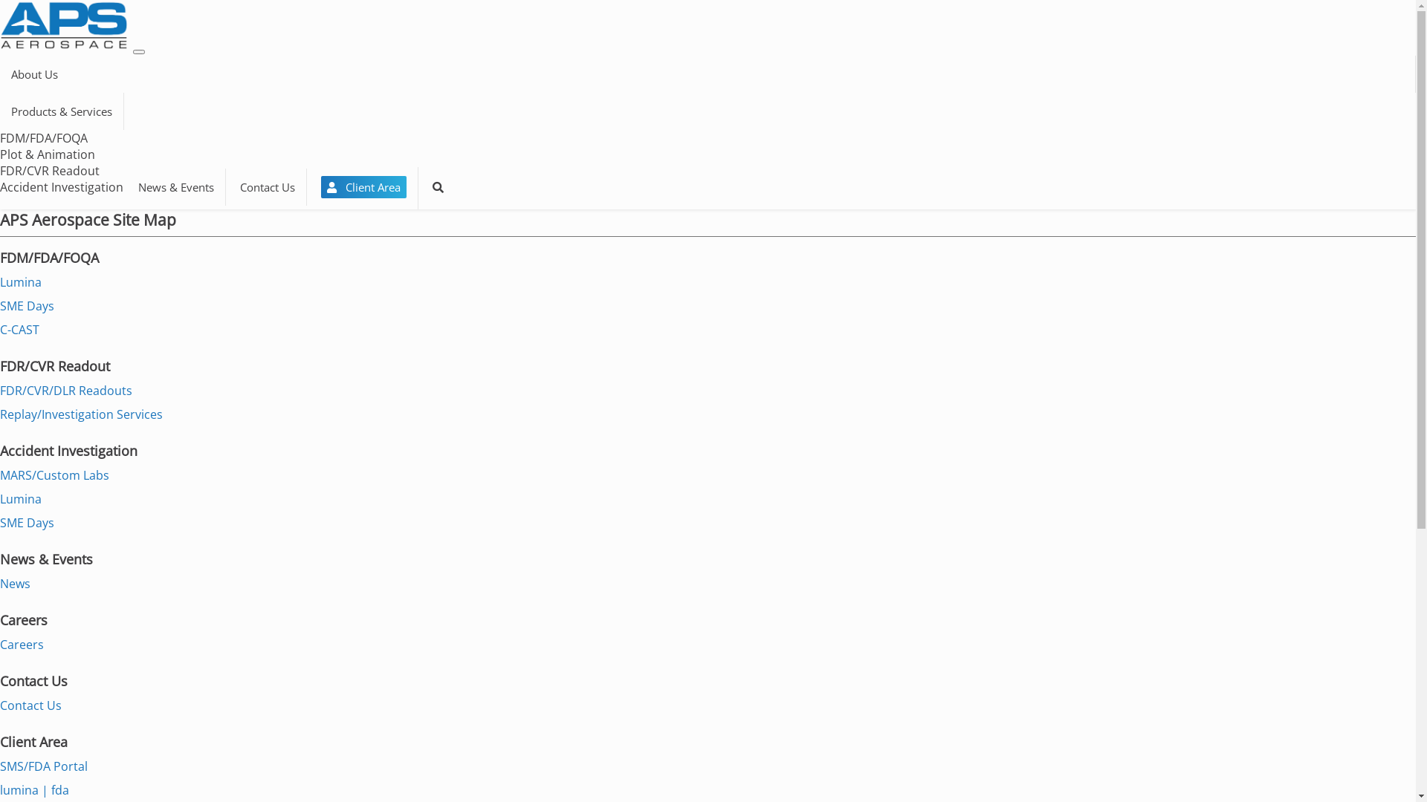 This screenshot has width=1427, height=802. What do you see at coordinates (0, 704) in the screenshot?
I see `'Contact Us'` at bounding box center [0, 704].